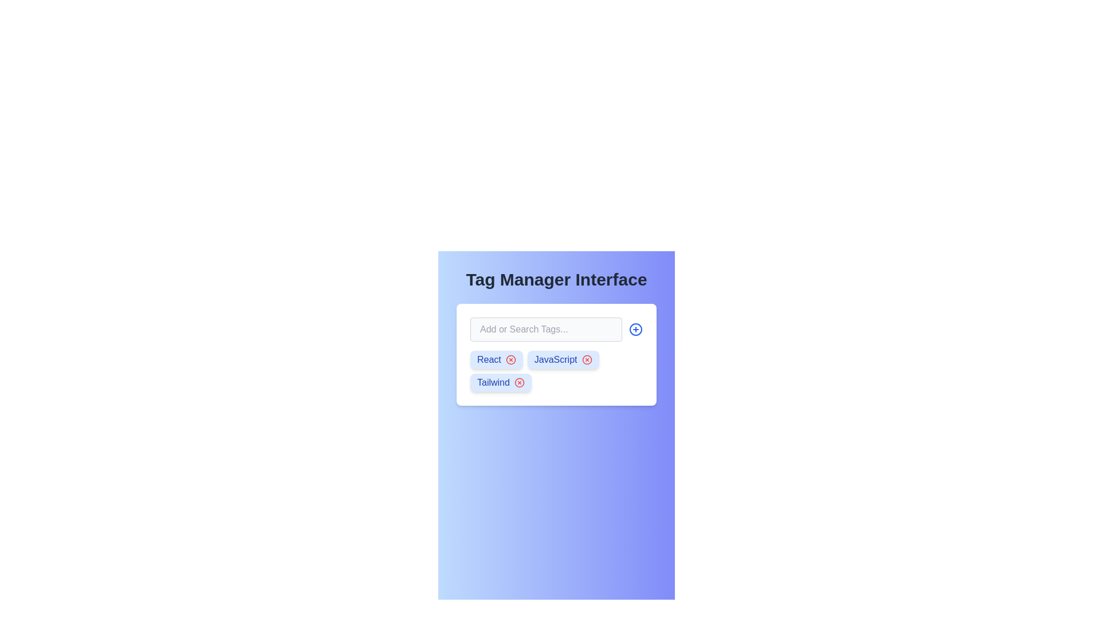 The image size is (1100, 618). What do you see at coordinates (545, 329) in the screenshot?
I see `the text input field used for adding or searching for tags in the 'Tag Manager Interface' section` at bounding box center [545, 329].